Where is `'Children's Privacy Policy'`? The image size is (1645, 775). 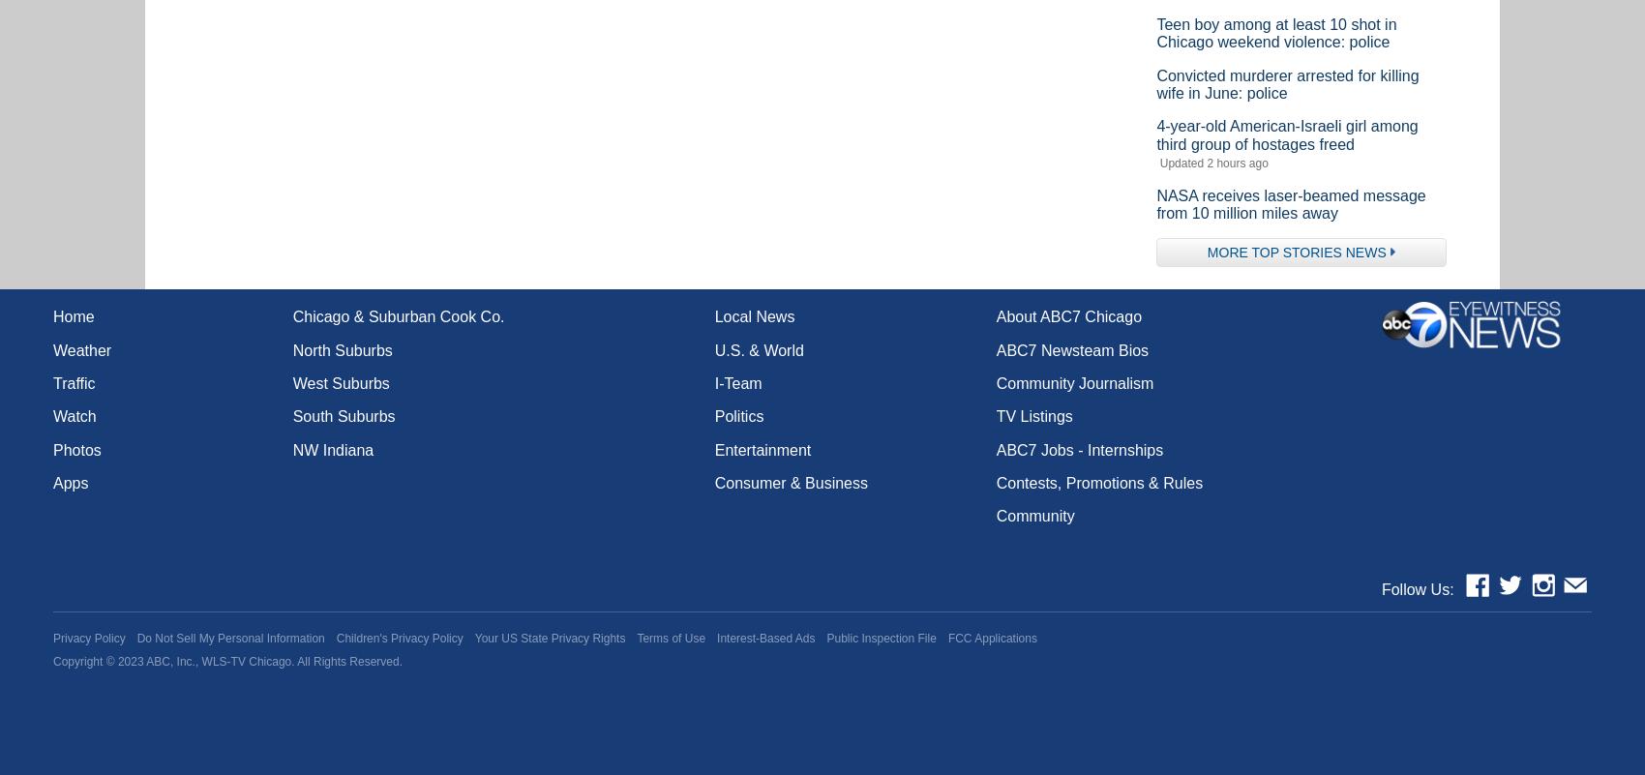
'Children's Privacy Policy' is located at coordinates (398, 637).